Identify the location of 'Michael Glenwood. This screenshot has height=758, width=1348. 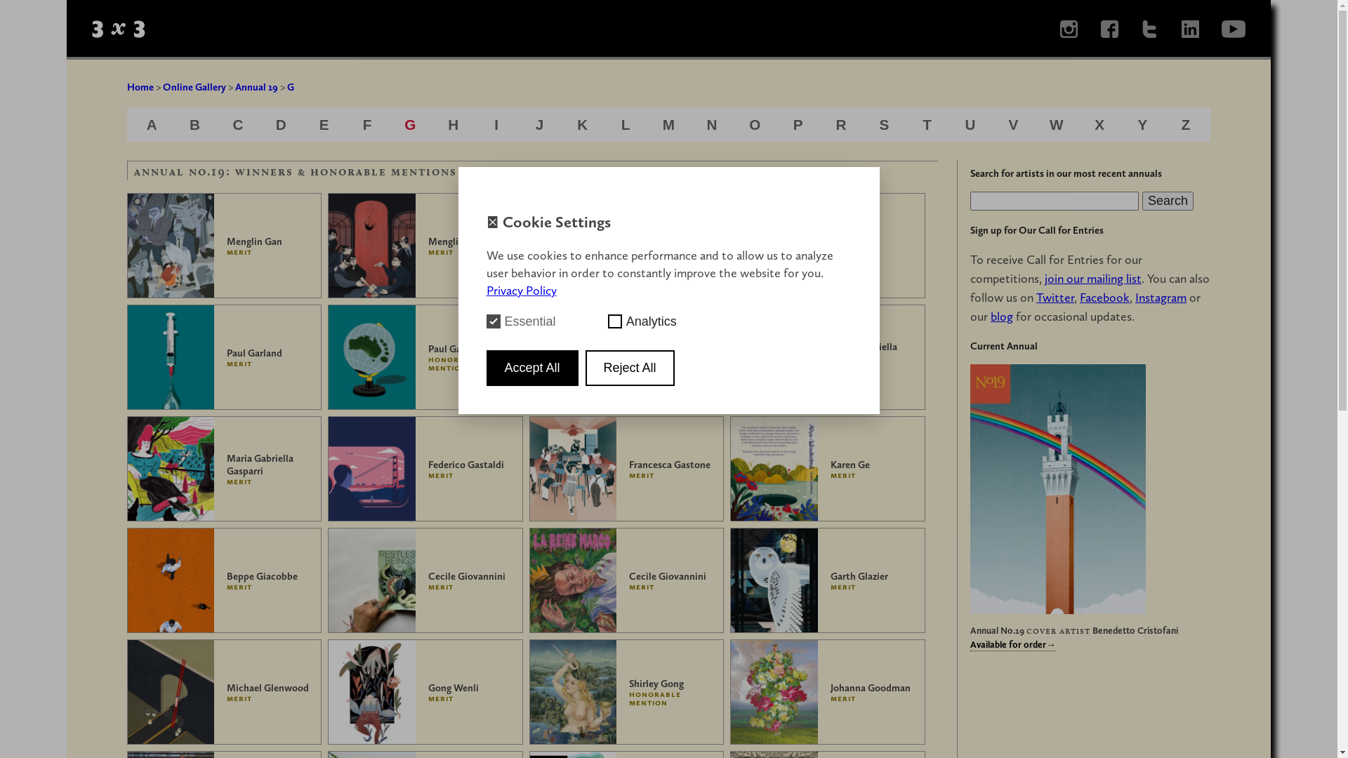
(225, 691).